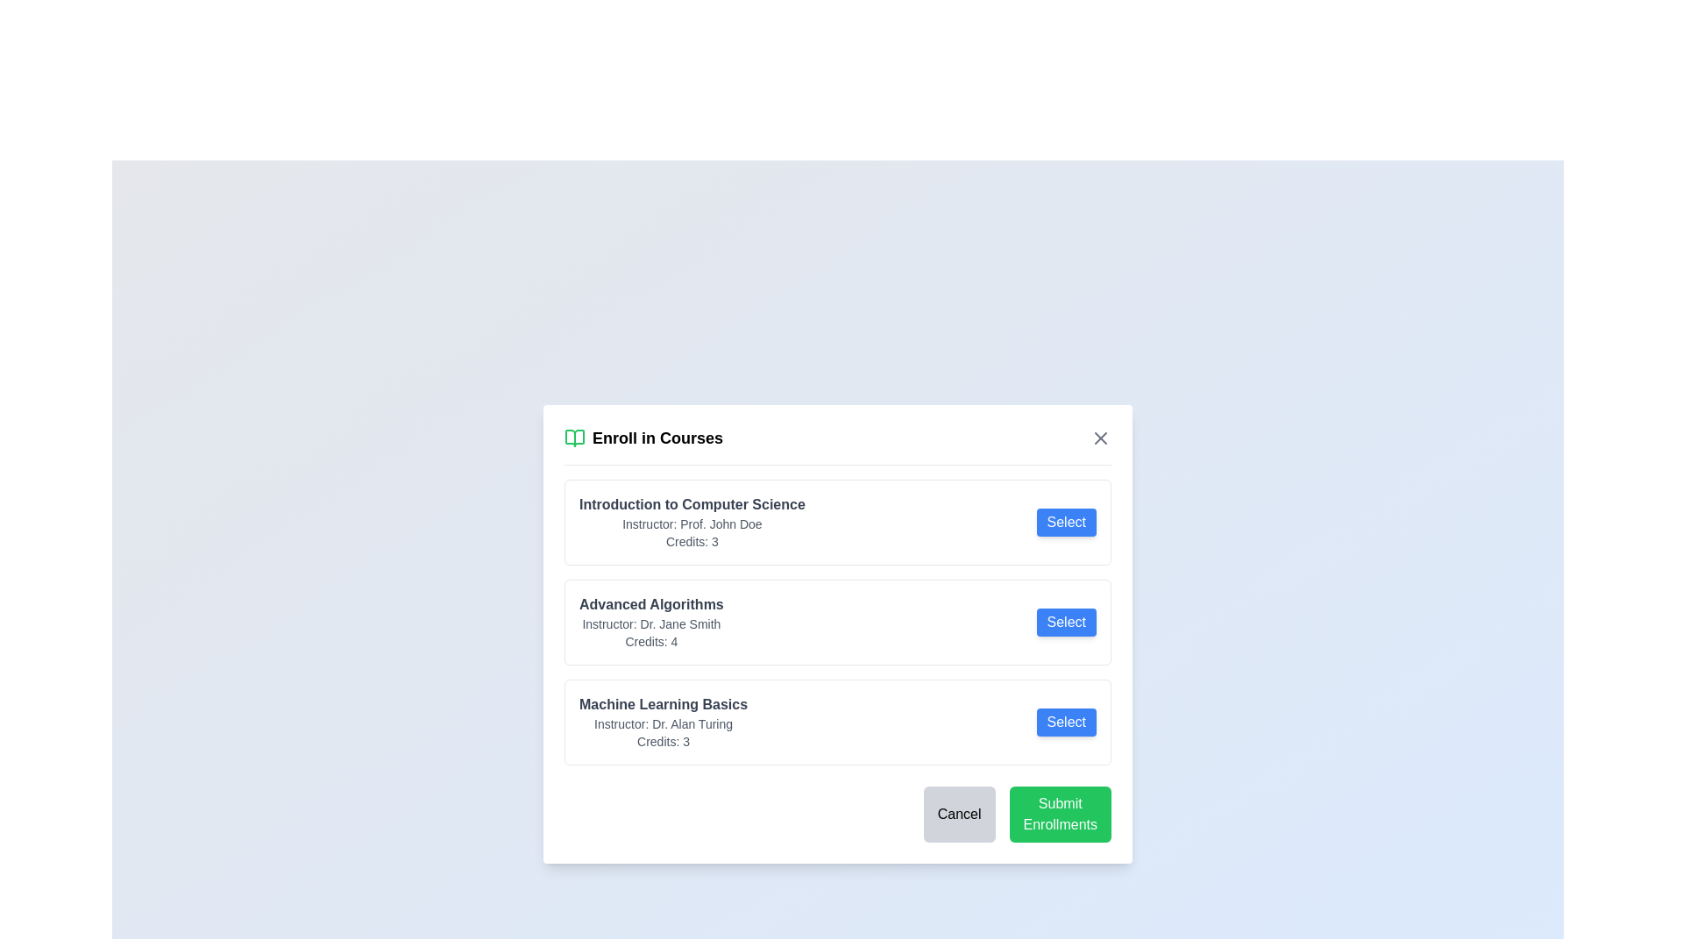 The image size is (1683, 947). I want to click on text information block displaying 'Machine Learning Basics', 'Dr. Alan Turing', and 'Credits: 3', located in the third white box of the course list, so click(663, 722).